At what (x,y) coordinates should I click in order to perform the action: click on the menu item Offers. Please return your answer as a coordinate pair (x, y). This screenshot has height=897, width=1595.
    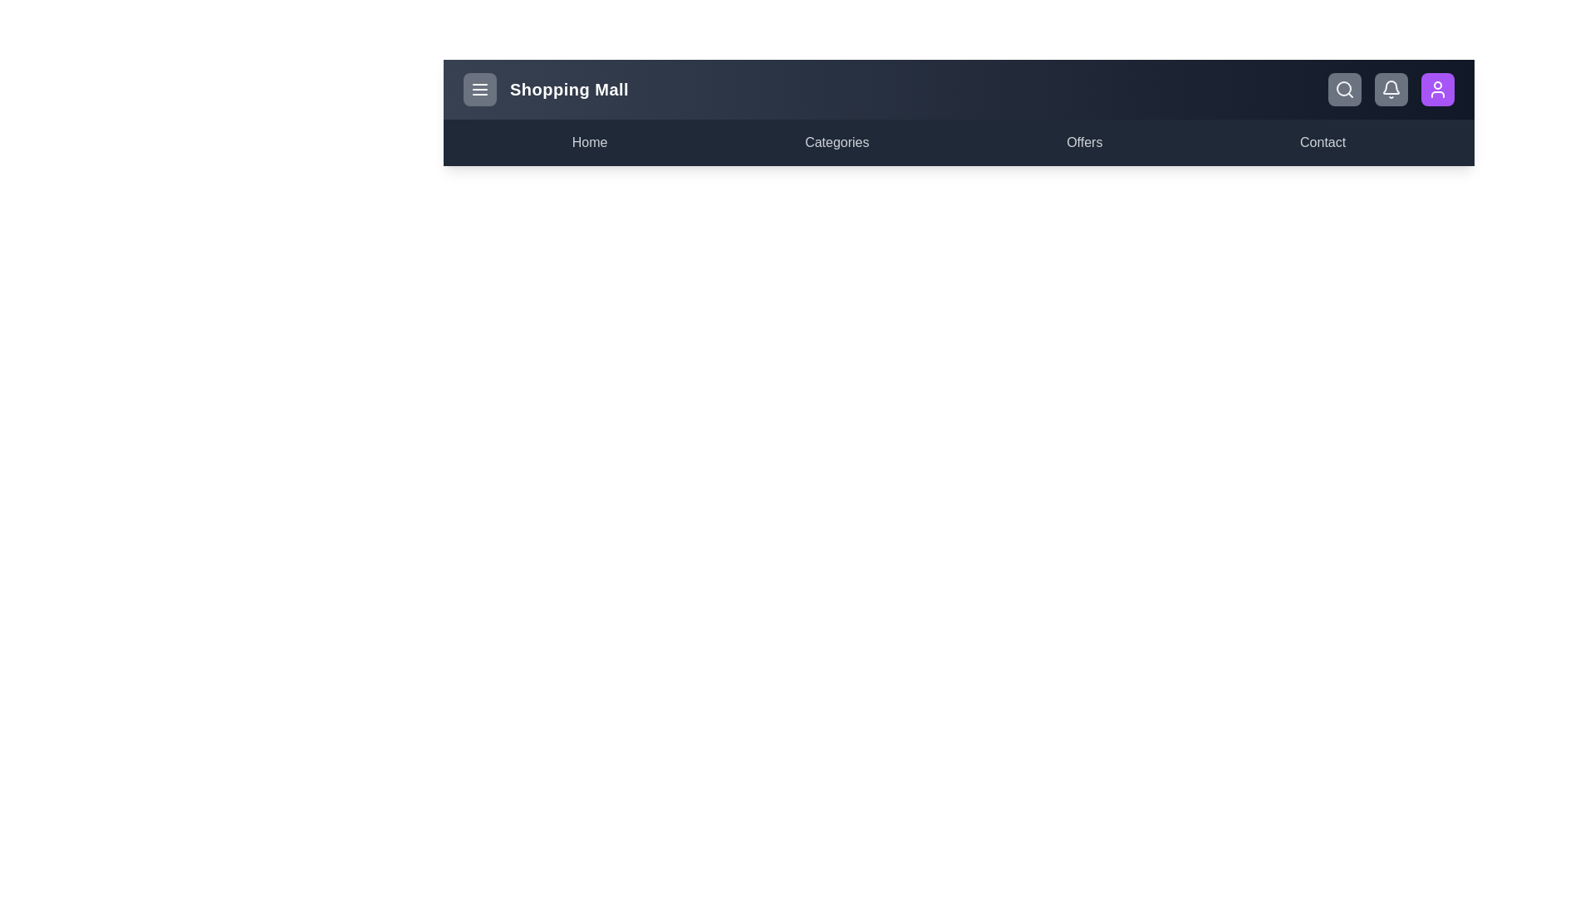
    Looking at the image, I should click on (1084, 142).